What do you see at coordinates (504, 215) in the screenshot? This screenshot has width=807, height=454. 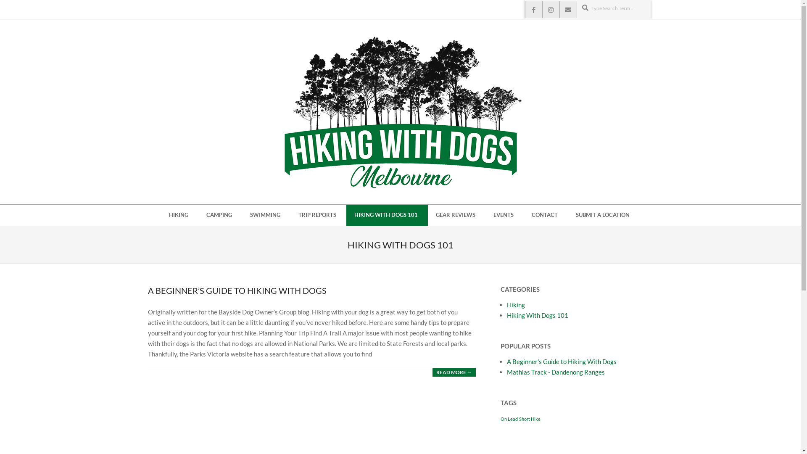 I see `'EVENTS'` at bounding box center [504, 215].